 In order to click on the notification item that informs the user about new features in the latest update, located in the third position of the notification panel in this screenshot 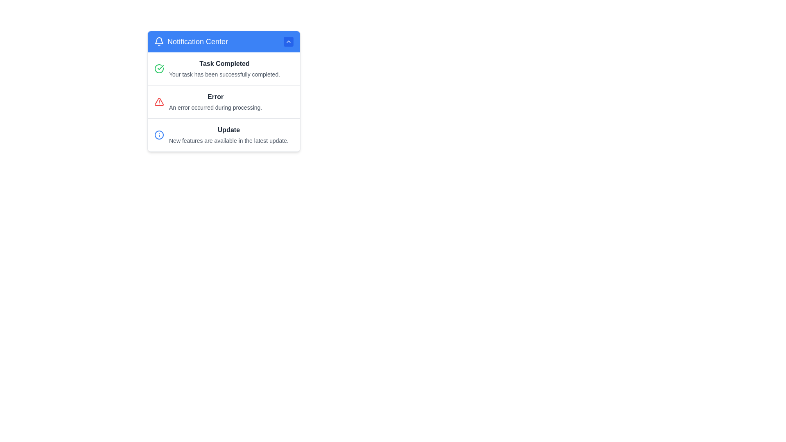, I will do `click(228, 135)`.